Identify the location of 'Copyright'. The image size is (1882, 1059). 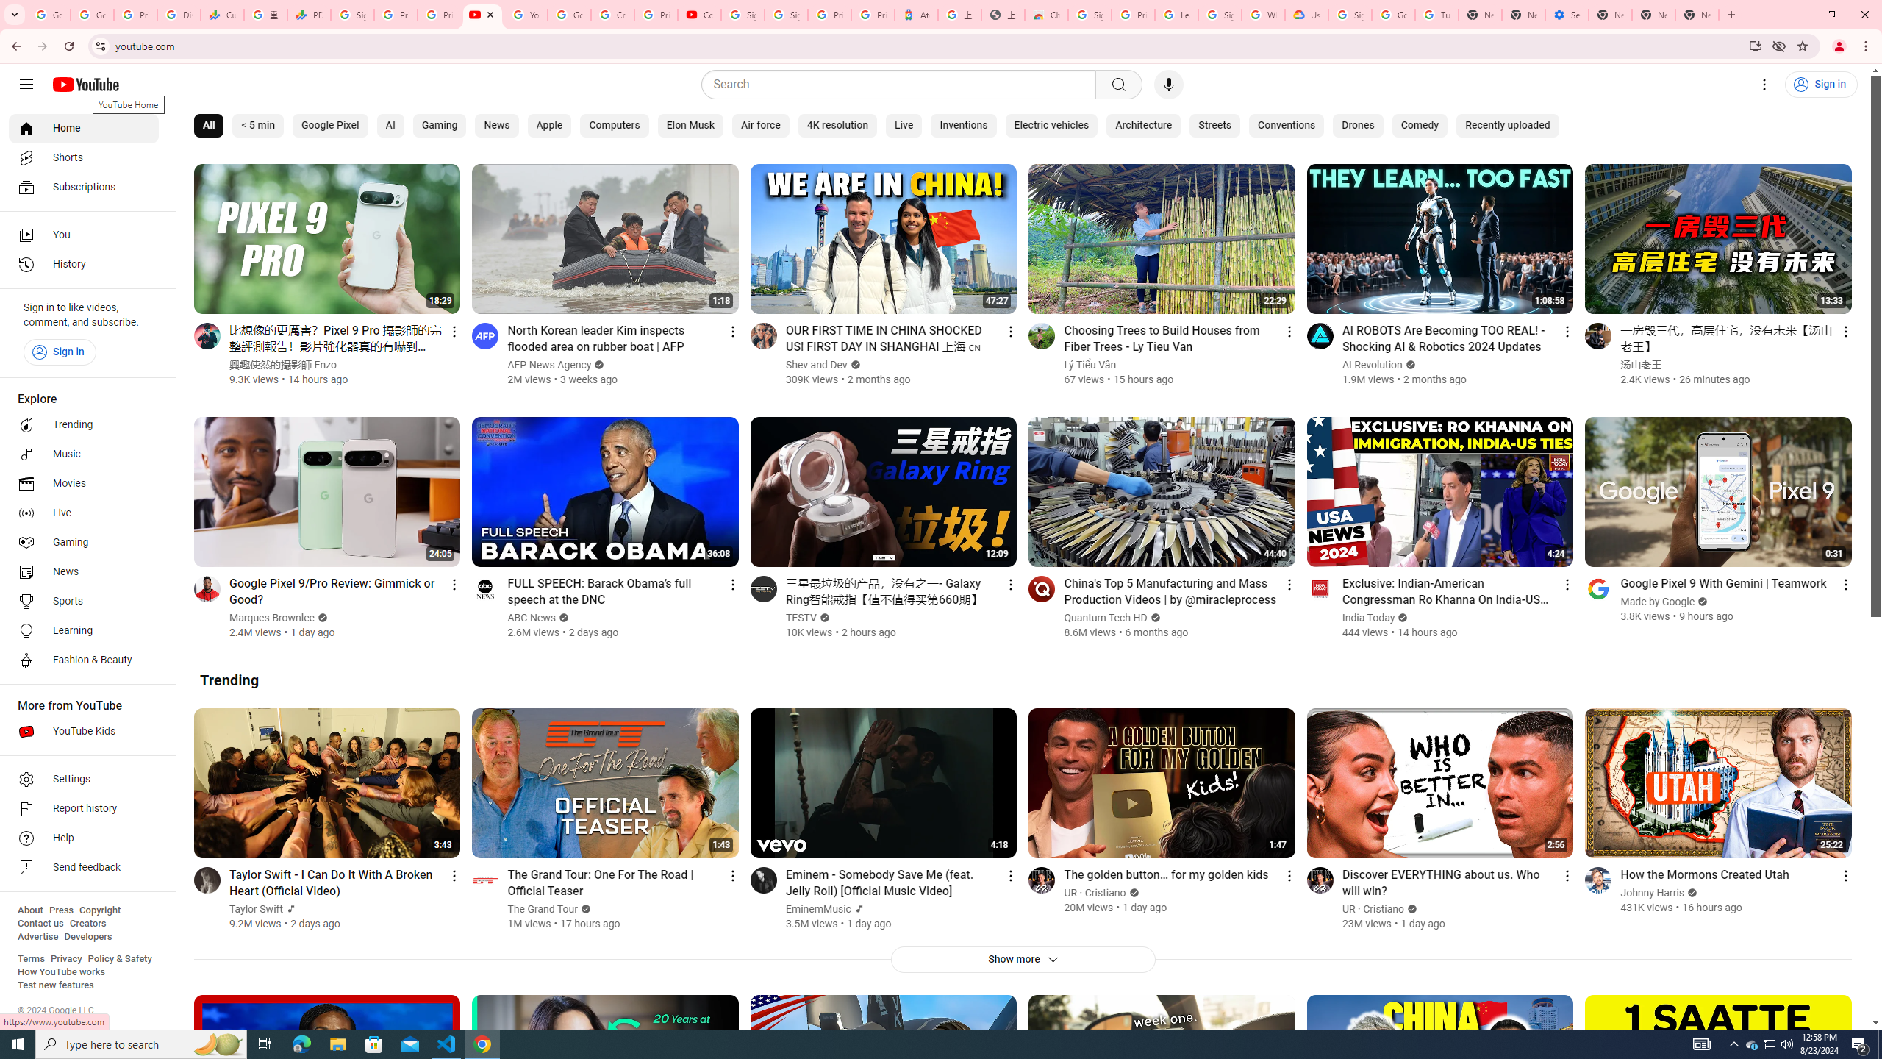
(99, 910).